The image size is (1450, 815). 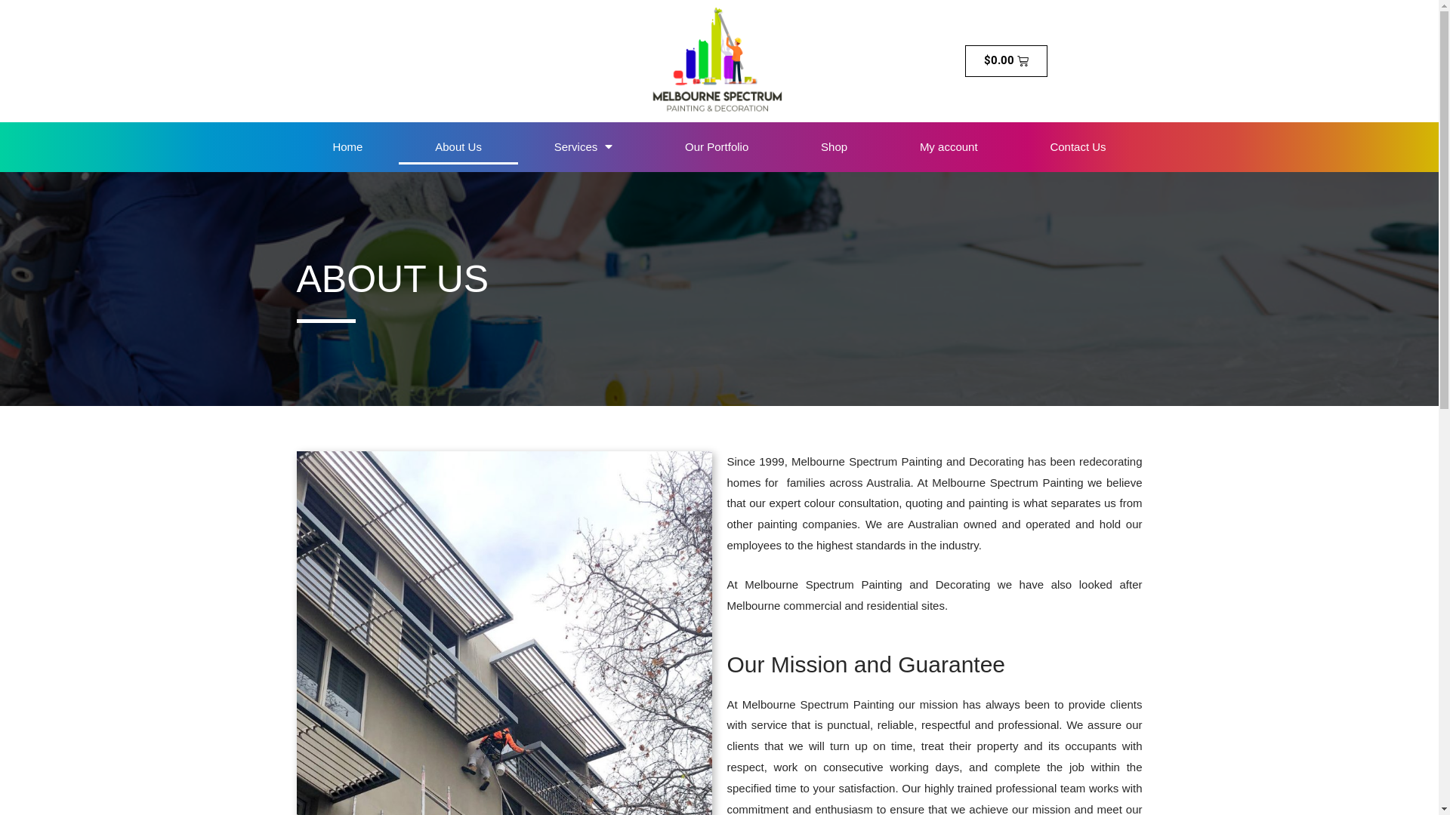 I want to click on 'My account', so click(x=884, y=147).